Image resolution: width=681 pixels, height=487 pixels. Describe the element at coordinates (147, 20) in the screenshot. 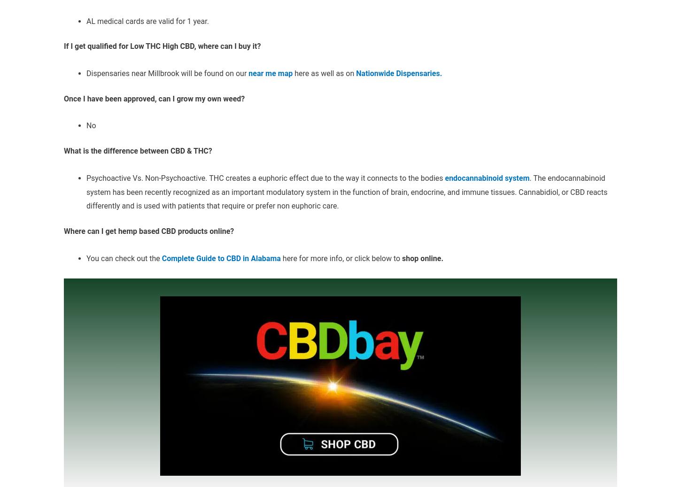

I see `'AL medical cards are valid for 1 year.'` at that location.